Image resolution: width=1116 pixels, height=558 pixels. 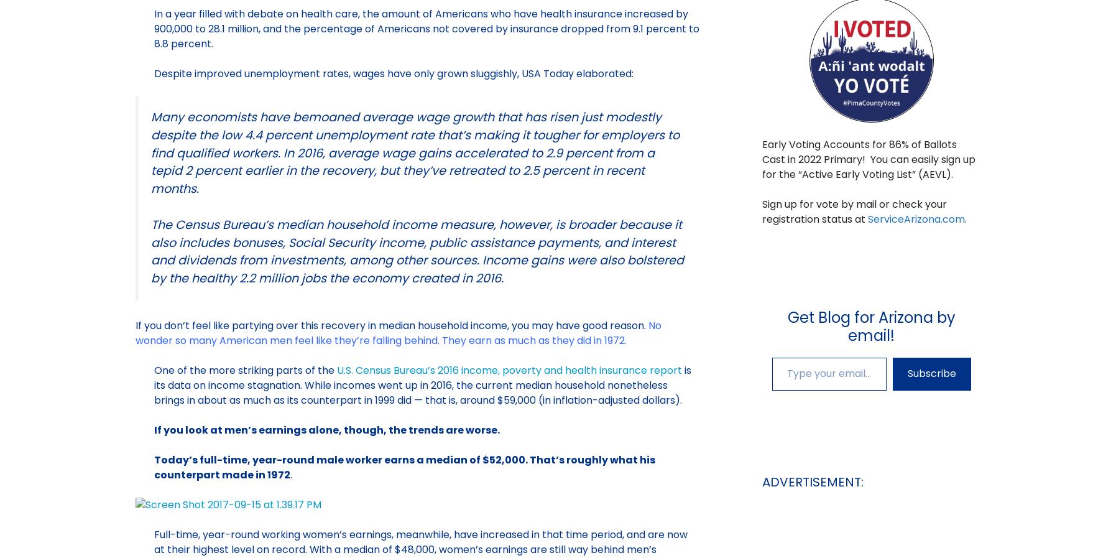 What do you see at coordinates (508, 370) in the screenshot?
I see `'U.S. Census Bureau’s 2016 income, poverty and health insurance report'` at bounding box center [508, 370].